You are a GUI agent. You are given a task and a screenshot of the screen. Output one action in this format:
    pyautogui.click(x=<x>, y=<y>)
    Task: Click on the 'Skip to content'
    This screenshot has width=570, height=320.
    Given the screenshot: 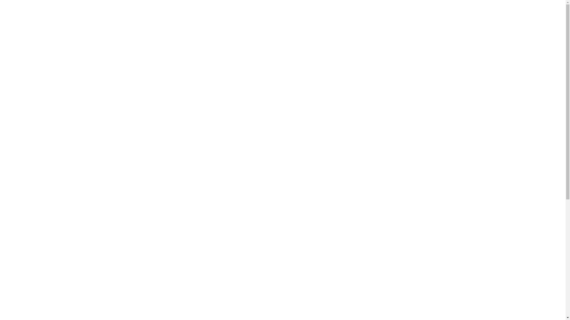 What is the action you would take?
    pyautogui.click(x=2, y=2)
    